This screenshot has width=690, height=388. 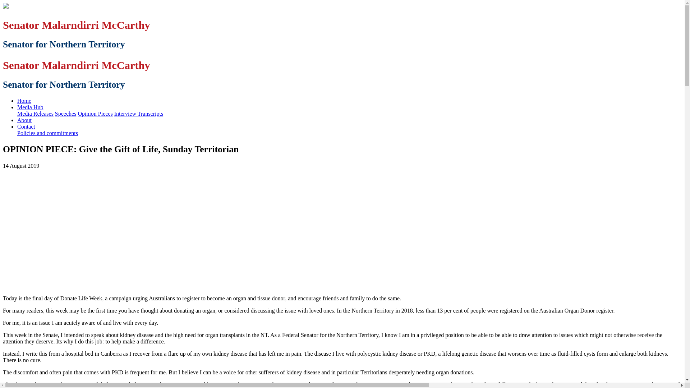 I want to click on 'About', so click(x=24, y=120).